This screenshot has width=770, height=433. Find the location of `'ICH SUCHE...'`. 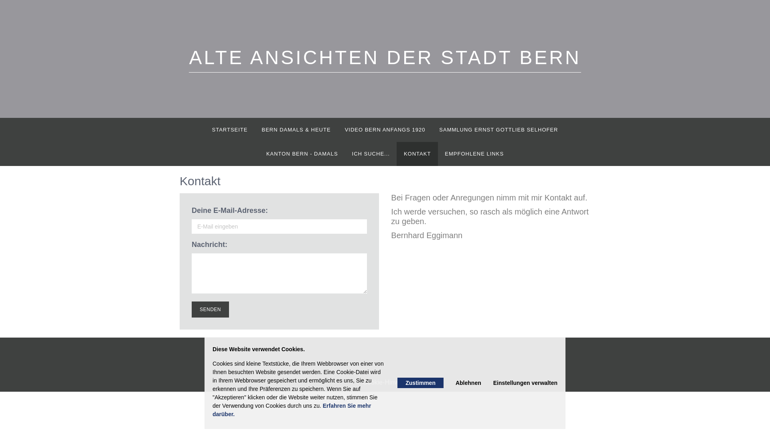

'ICH SUCHE...' is located at coordinates (370, 154).